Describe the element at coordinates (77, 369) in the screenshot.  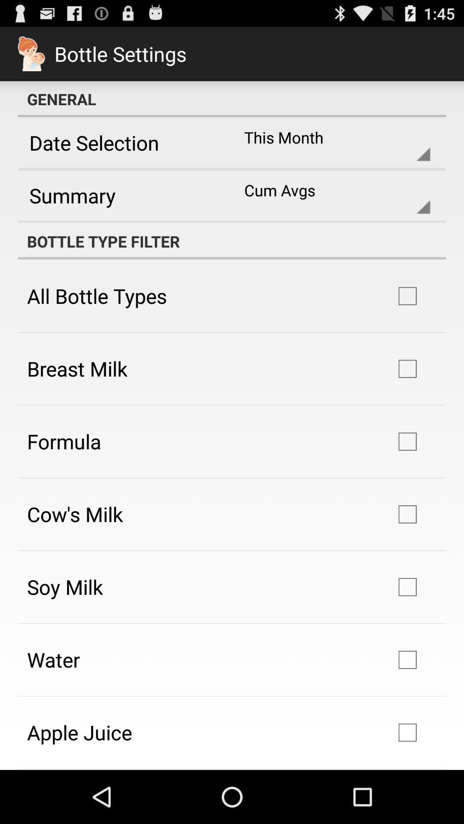
I see `the breast milk` at that location.